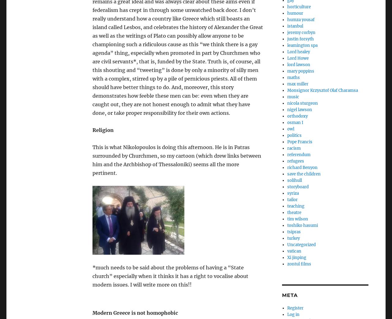  Describe the element at coordinates (286, 26) in the screenshot. I see `'istanbul'` at that location.